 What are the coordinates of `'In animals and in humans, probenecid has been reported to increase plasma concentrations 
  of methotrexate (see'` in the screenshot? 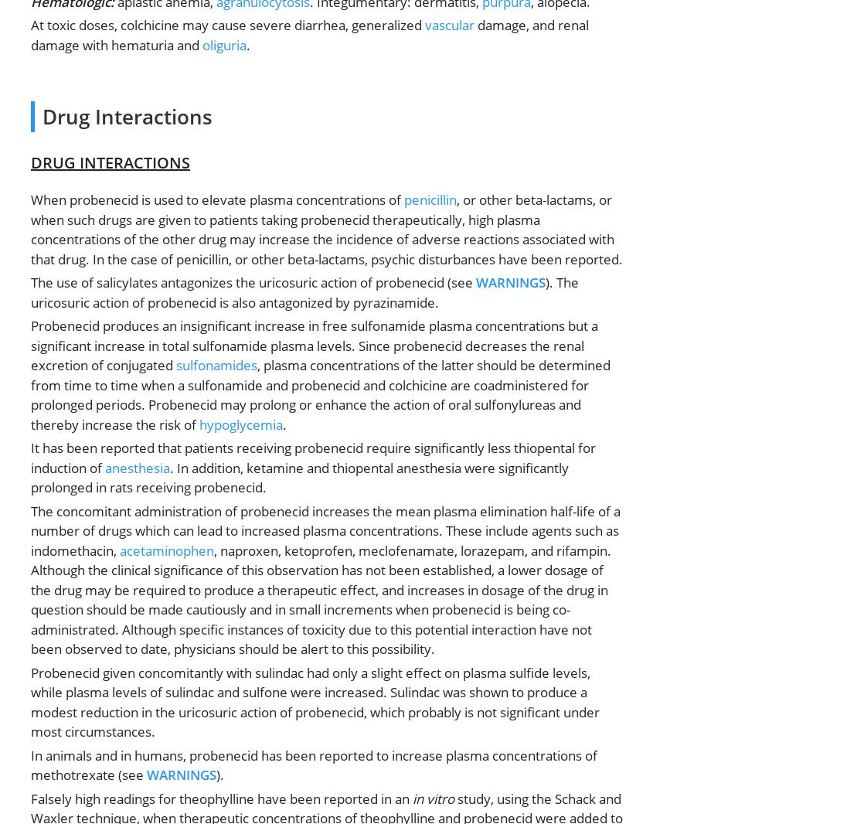 It's located at (313, 764).